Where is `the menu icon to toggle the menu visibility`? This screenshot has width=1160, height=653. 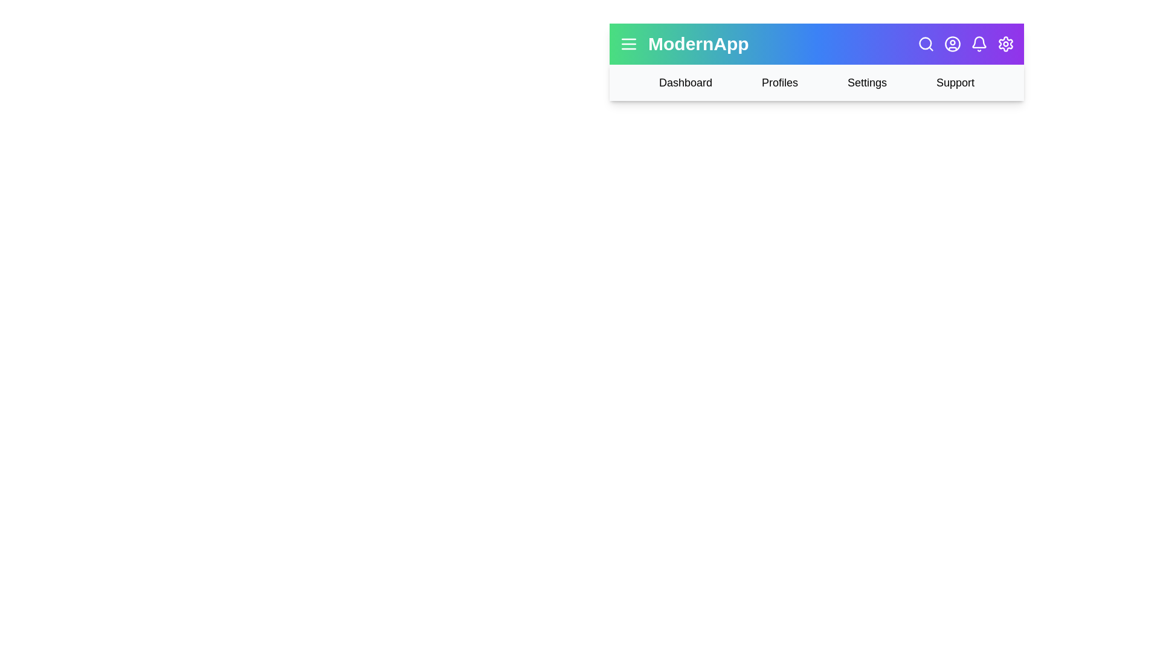
the menu icon to toggle the menu visibility is located at coordinates (628, 44).